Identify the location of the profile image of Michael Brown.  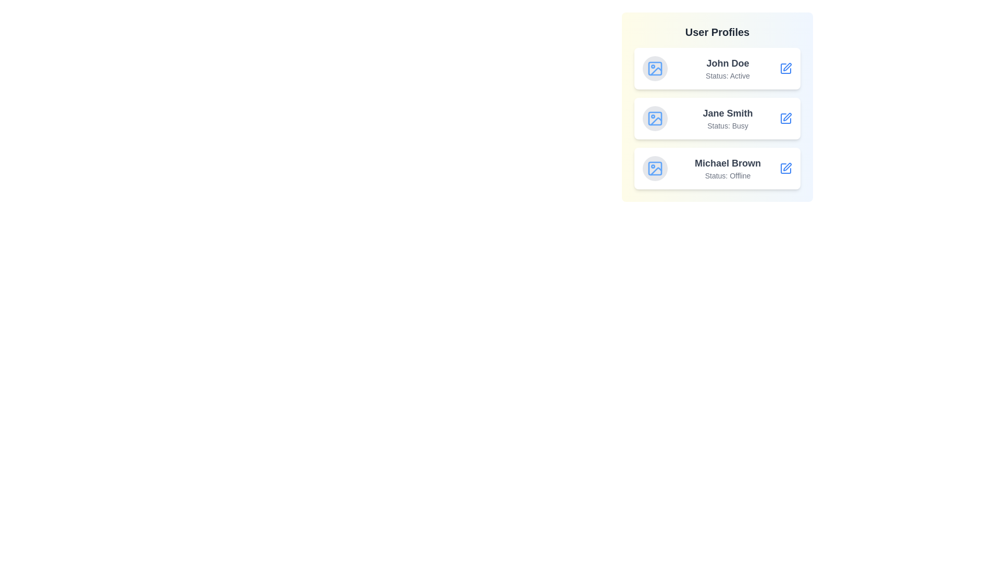
(654, 168).